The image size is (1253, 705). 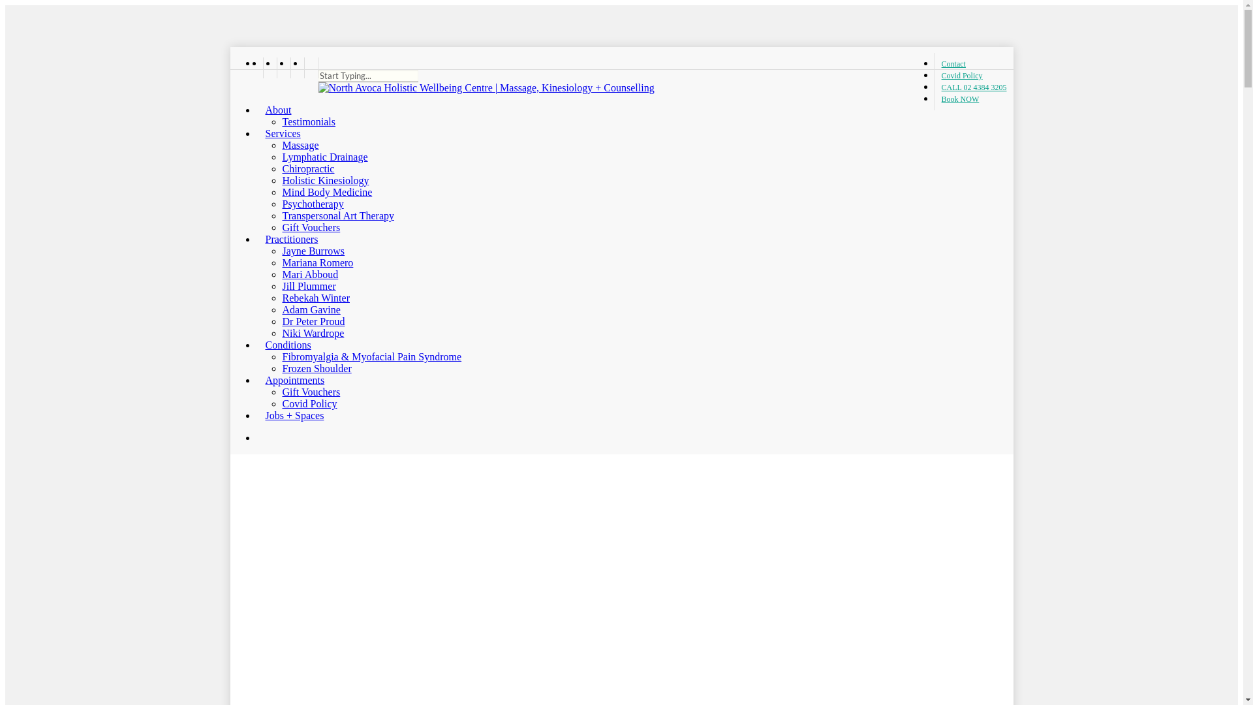 What do you see at coordinates (307, 168) in the screenshot?
I see `'Chiropractic'` at bounding box center [307, 168].